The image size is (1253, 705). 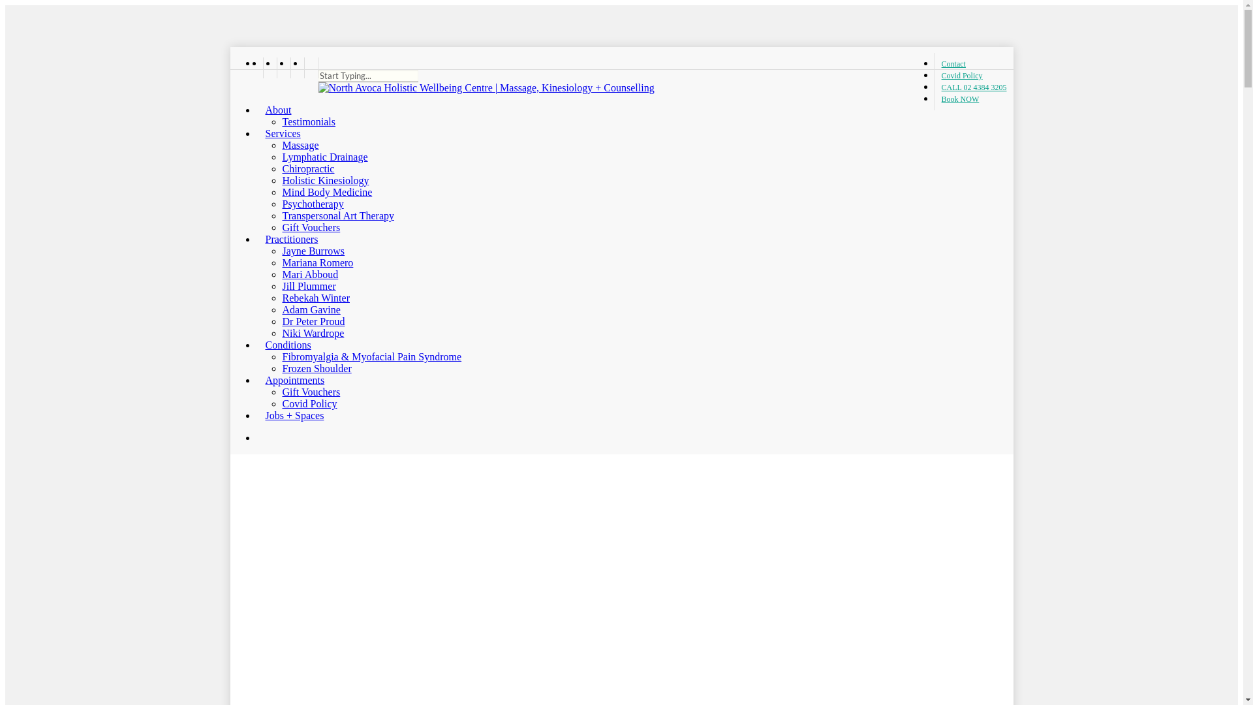 What do you see at coordinates (307, 168) in the screenshot?
I see `'Chiropractic'` at bounding box center [307, 168].